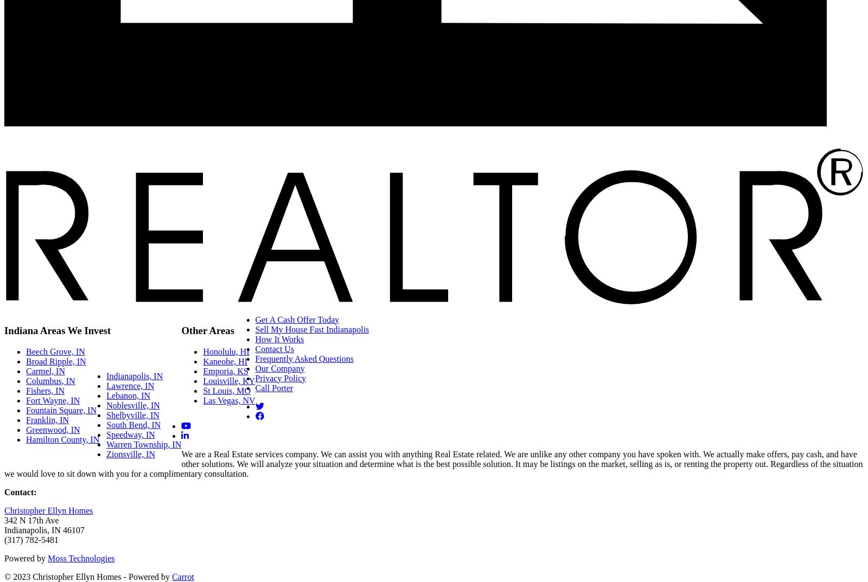 The image size is (868, 582). Describe the element at coordinates (80, 558) in the screenshot. I see `'Moss Technologies'` at that location.